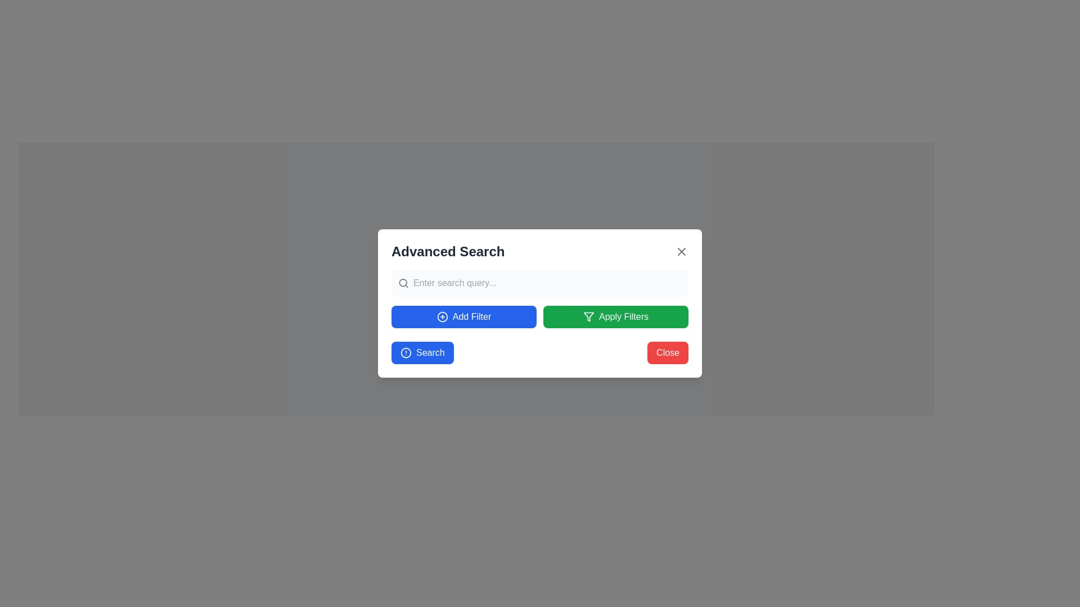 This screenshot has width=1080, height=607. I want to click on the SVG Icon representing the filter functionality within the 'Apply Filters' button, located on the left side next to the text label, so click(588, 316).